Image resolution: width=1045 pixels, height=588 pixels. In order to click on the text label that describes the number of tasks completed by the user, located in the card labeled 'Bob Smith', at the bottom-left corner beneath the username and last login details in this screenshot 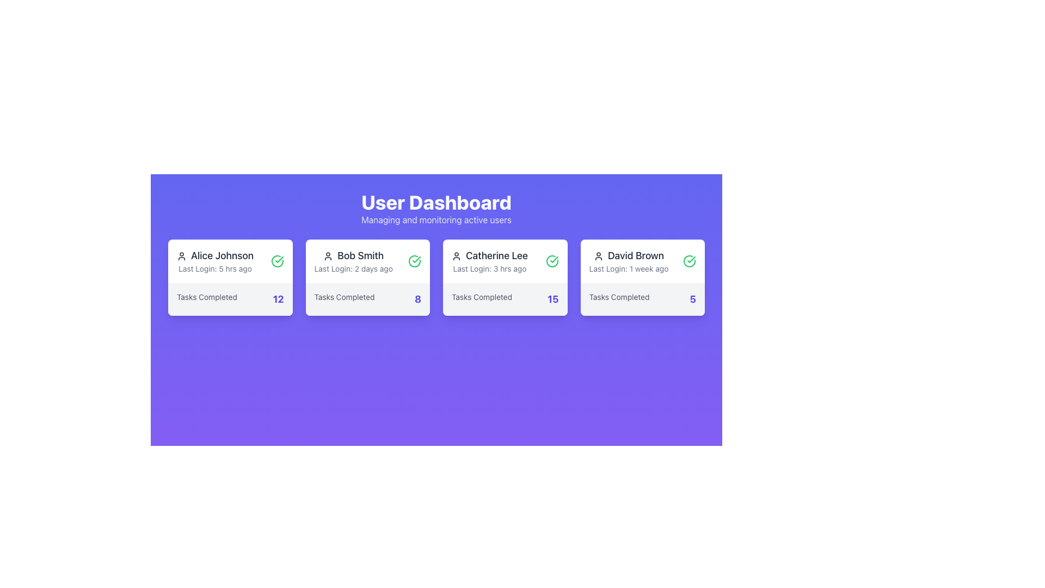, I will do `click(344, 299)`.